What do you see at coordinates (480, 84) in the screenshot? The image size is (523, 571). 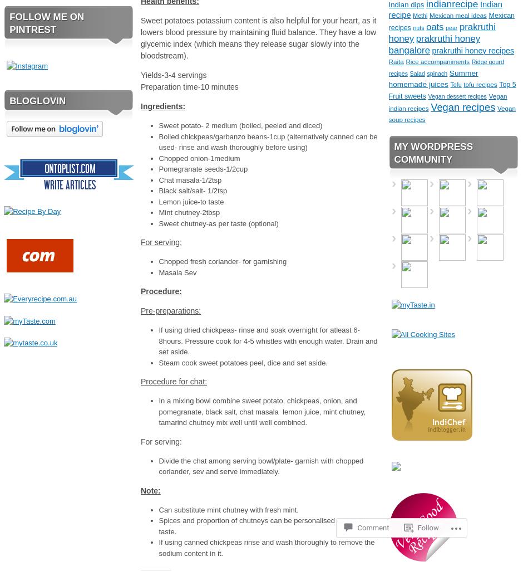 I see `'tofu recipes'` at bounding box center [480, 84].